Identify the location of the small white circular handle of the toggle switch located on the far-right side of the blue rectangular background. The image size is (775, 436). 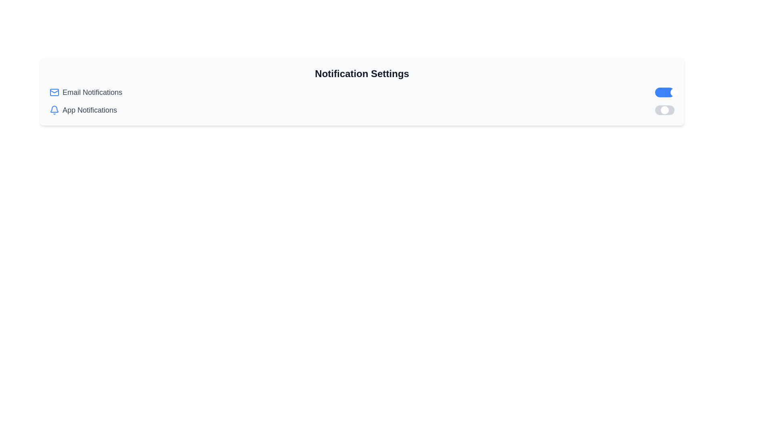
(674, 92).